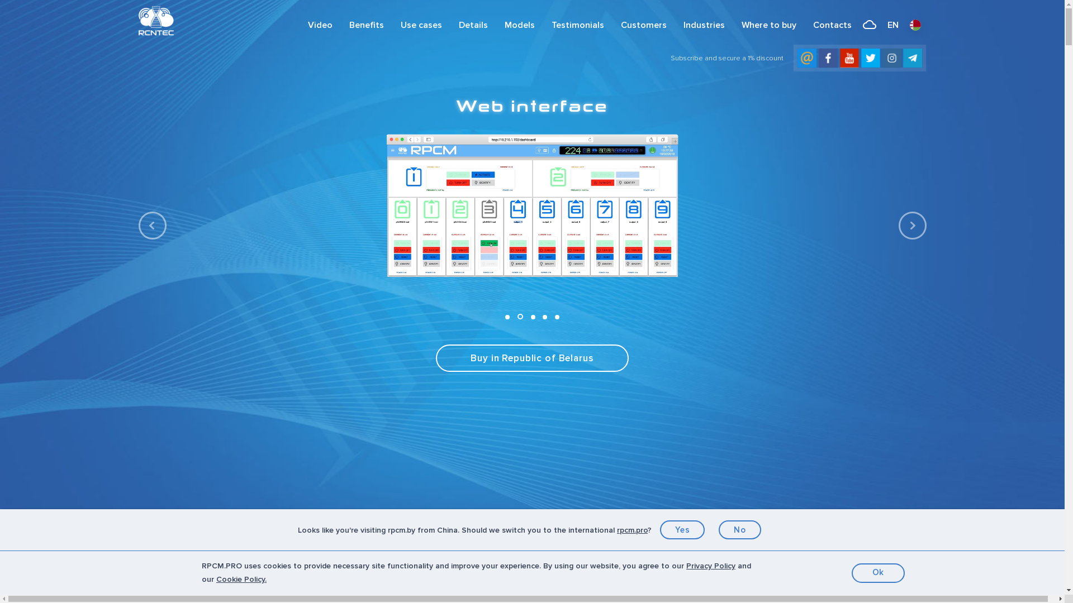 The height and width of the screenshot is (603, 1073). What do you see at coordinates (868, 25) in the screenshot?
I see `'cloud_queue'` at bounding box center [868, 25].